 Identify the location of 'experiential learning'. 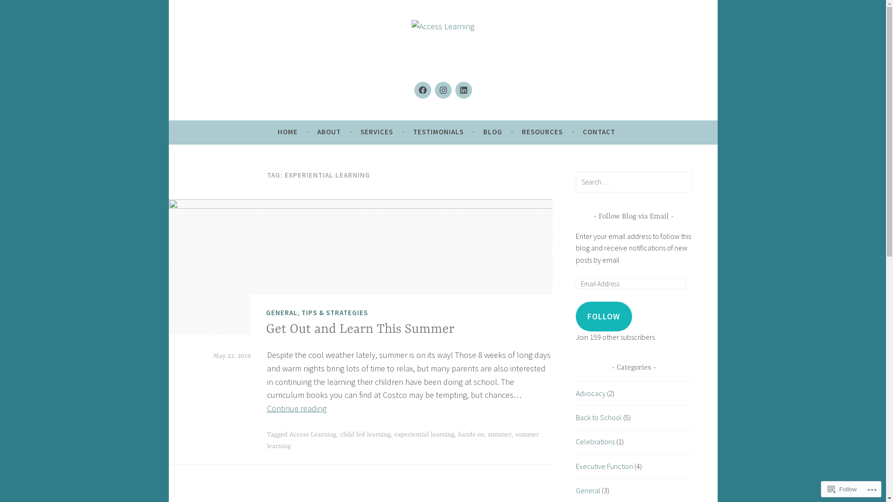
(424, 434).